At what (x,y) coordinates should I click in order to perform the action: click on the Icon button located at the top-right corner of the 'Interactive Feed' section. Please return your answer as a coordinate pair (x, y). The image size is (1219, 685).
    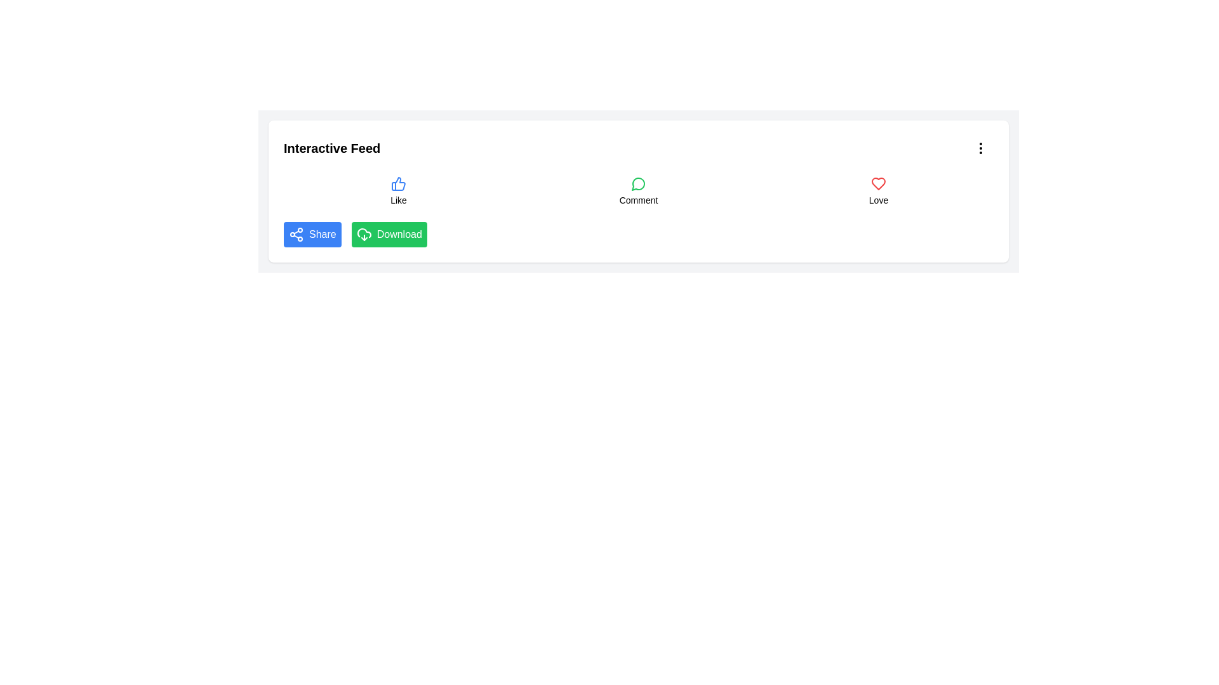
    Looking at the image, I should click on (980, 148).